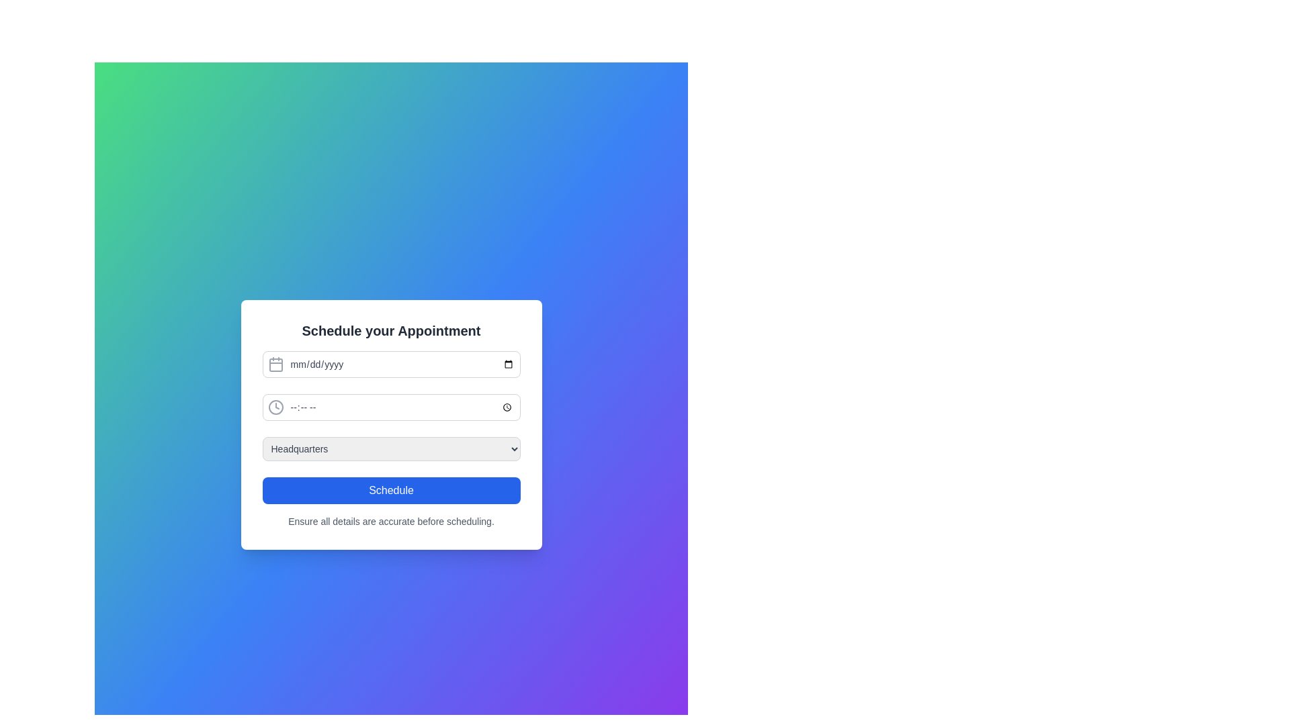 This screenshot has height=725, width=1290. What do you see at coordinates (275, 365) in the screenshot?
I see `the calendar icon located at the left end of the date input field in the appointment scheduling form` at bounding box center [275, 365].